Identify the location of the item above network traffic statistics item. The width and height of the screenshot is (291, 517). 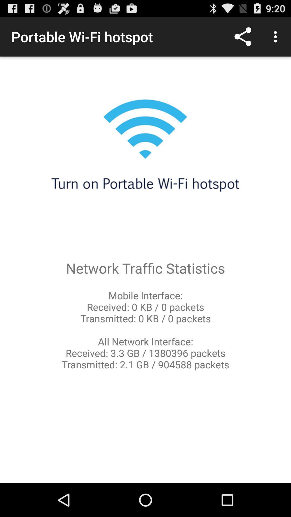
(277, 36).